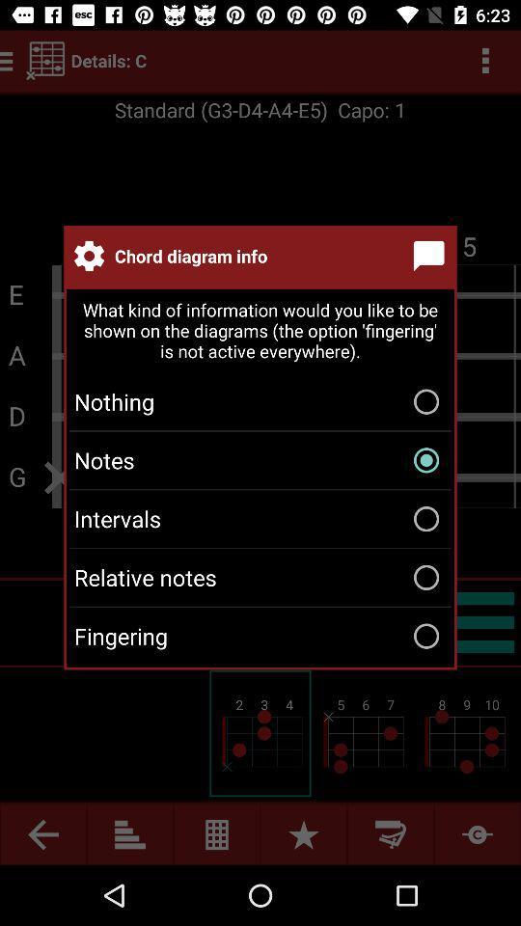 The height and width of the screenshot is (926, 521). What do you see at coordinates (260, 400) in the screenshot?
I see `nothing` at bounding box center [260, 400].